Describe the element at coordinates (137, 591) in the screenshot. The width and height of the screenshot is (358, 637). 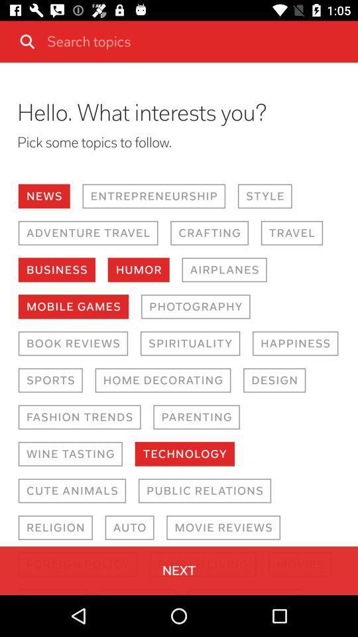
I see `the icon to the right of the science item` at that location.